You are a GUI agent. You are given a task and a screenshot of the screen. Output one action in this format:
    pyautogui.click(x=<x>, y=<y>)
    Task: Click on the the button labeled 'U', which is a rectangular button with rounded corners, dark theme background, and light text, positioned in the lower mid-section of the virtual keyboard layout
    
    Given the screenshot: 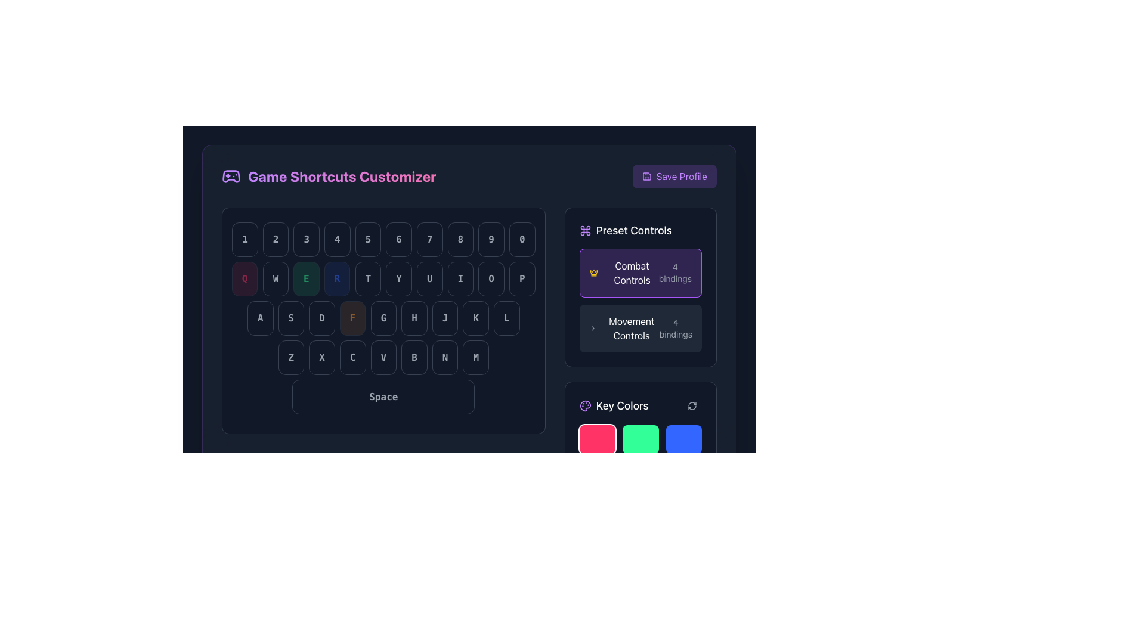 What is the action you would take?
    pyautogui.click(x=429, y=278)
    